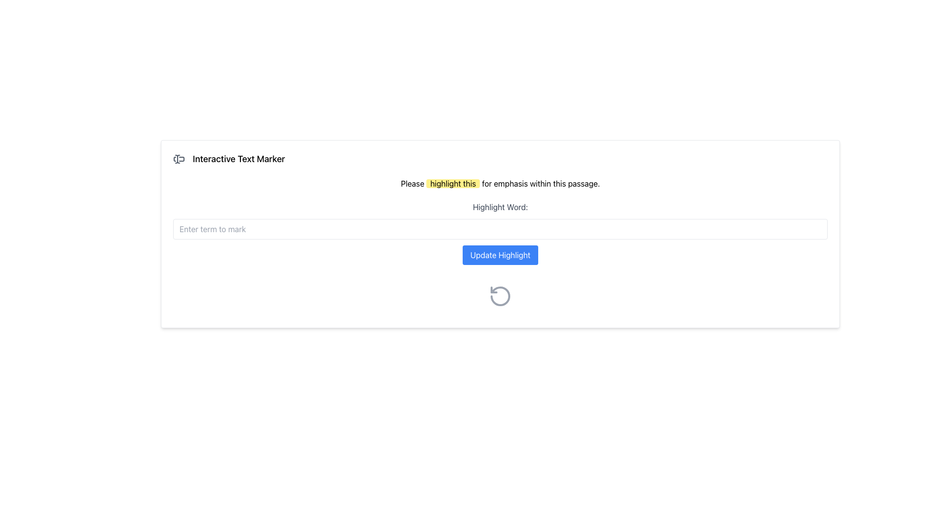 The image size is (942, 529). Describe the element at coordinates (179, 158) in the screenshot. I see `the Icon element styled with a black outline, which is located to the left of the text 'Interactive Text Marker'` at that location.